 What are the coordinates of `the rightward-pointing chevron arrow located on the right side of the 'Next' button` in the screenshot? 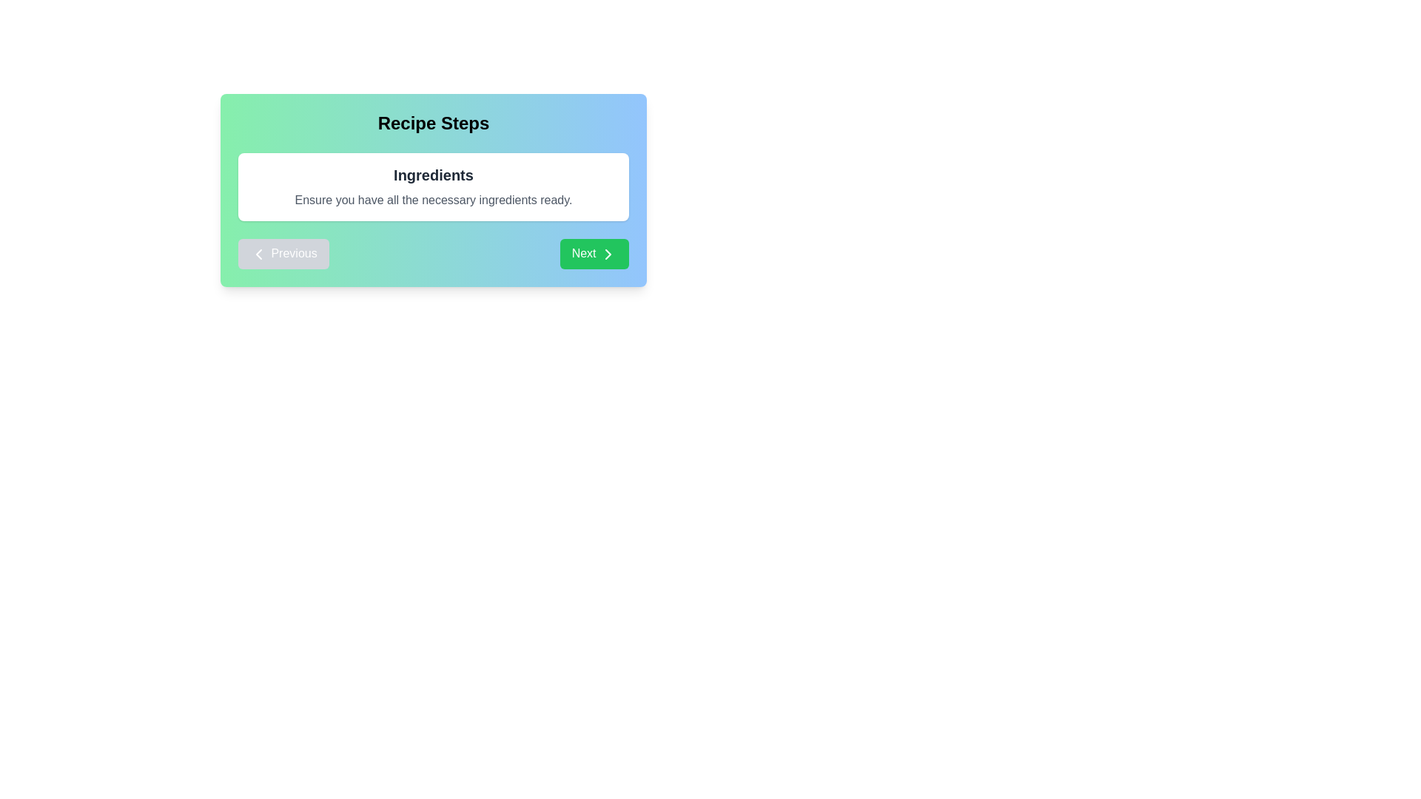 It's located at (608, 253).